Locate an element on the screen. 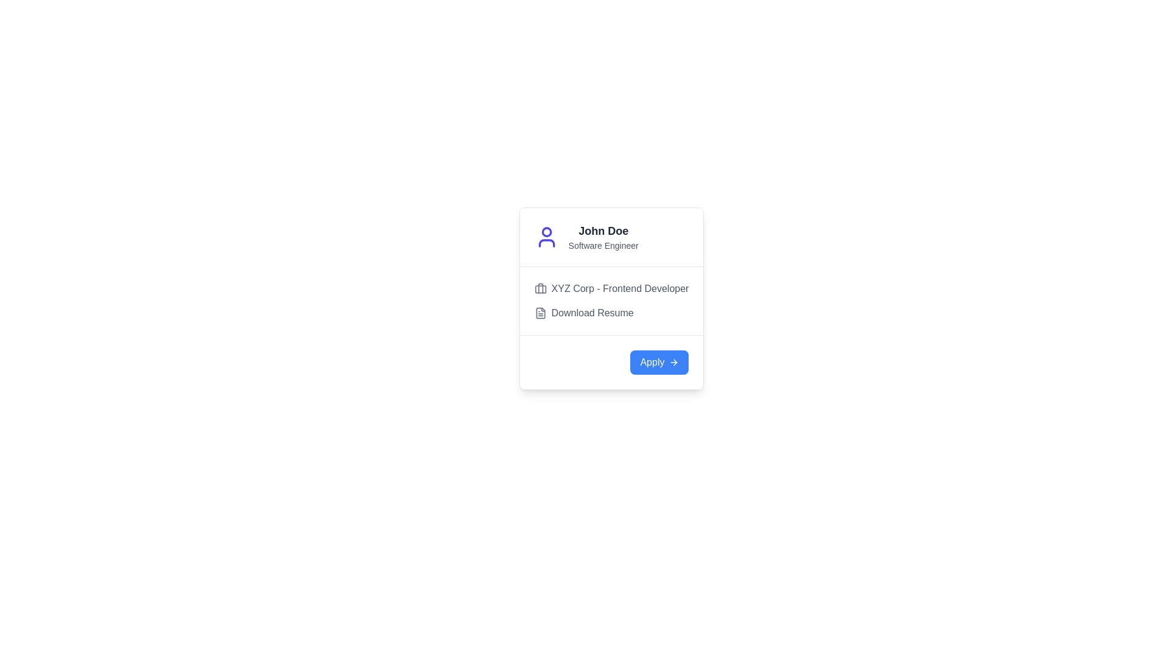 The width and height of the screenshot is (1168, 657). briefcase icon element located next to the text 'XYZ Corp - Frontend Developer' in the second row of the card within the UI is located at coordinates (540, 288).